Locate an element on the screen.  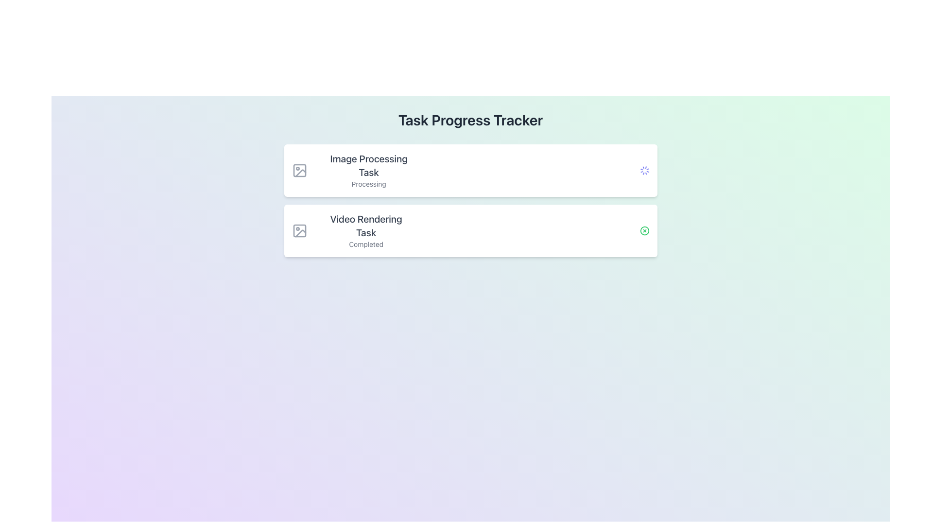
the text label displaying 'Processing' located below the title 'Image Processing Task' in the task progress tracker is located at coordinates (368, 184).